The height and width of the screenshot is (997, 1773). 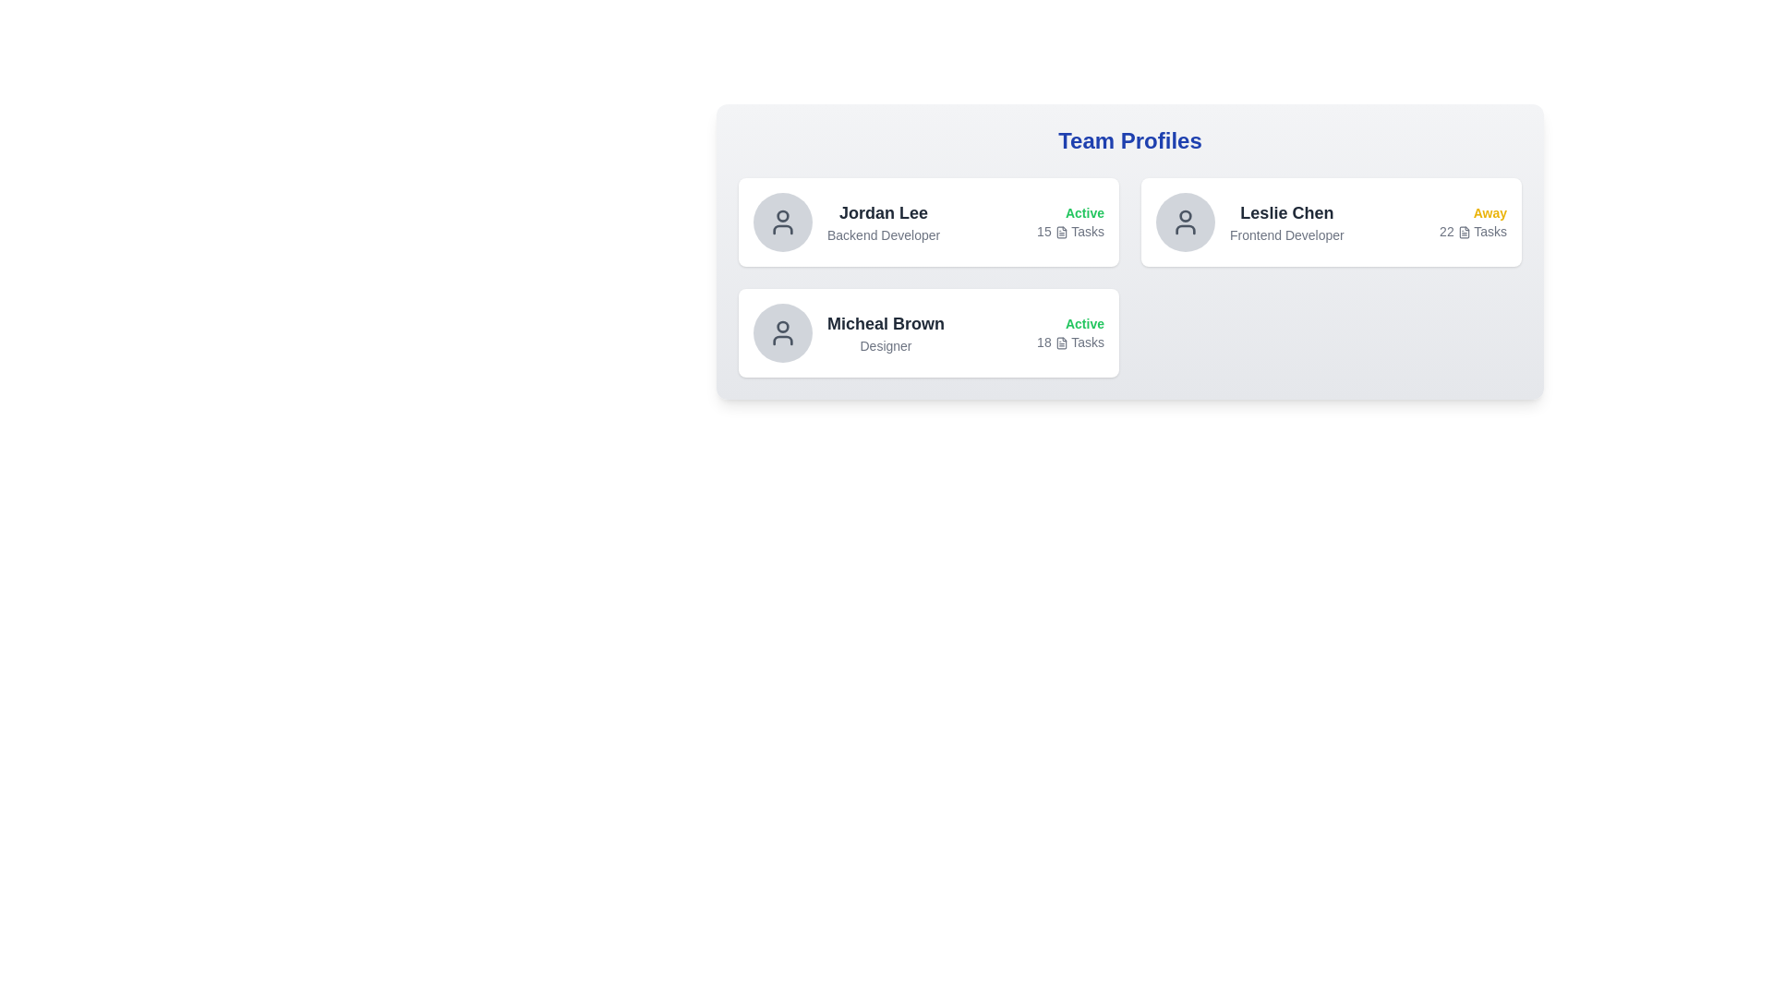 I want to click on the document icon next to '22 Tasks' in the 'Team Profiles' section, so click(x=1463, y=232).